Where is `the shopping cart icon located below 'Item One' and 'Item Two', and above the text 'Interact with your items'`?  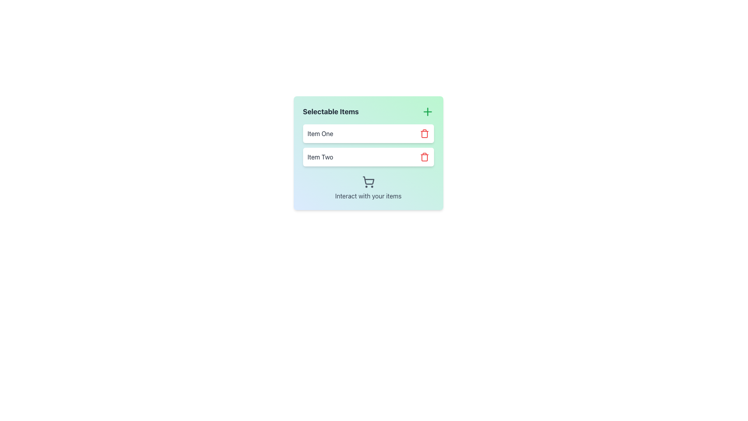
the shopping cart icon located below 'Item One' and 'Item Two', and above the text 'Interact with your items' is located at coordinates (368, 182).